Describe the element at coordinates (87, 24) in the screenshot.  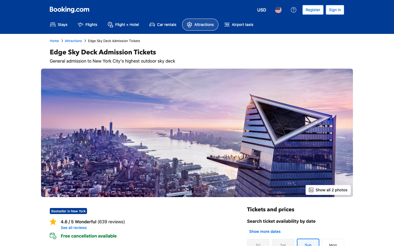
I see `Search for flights` at that location.